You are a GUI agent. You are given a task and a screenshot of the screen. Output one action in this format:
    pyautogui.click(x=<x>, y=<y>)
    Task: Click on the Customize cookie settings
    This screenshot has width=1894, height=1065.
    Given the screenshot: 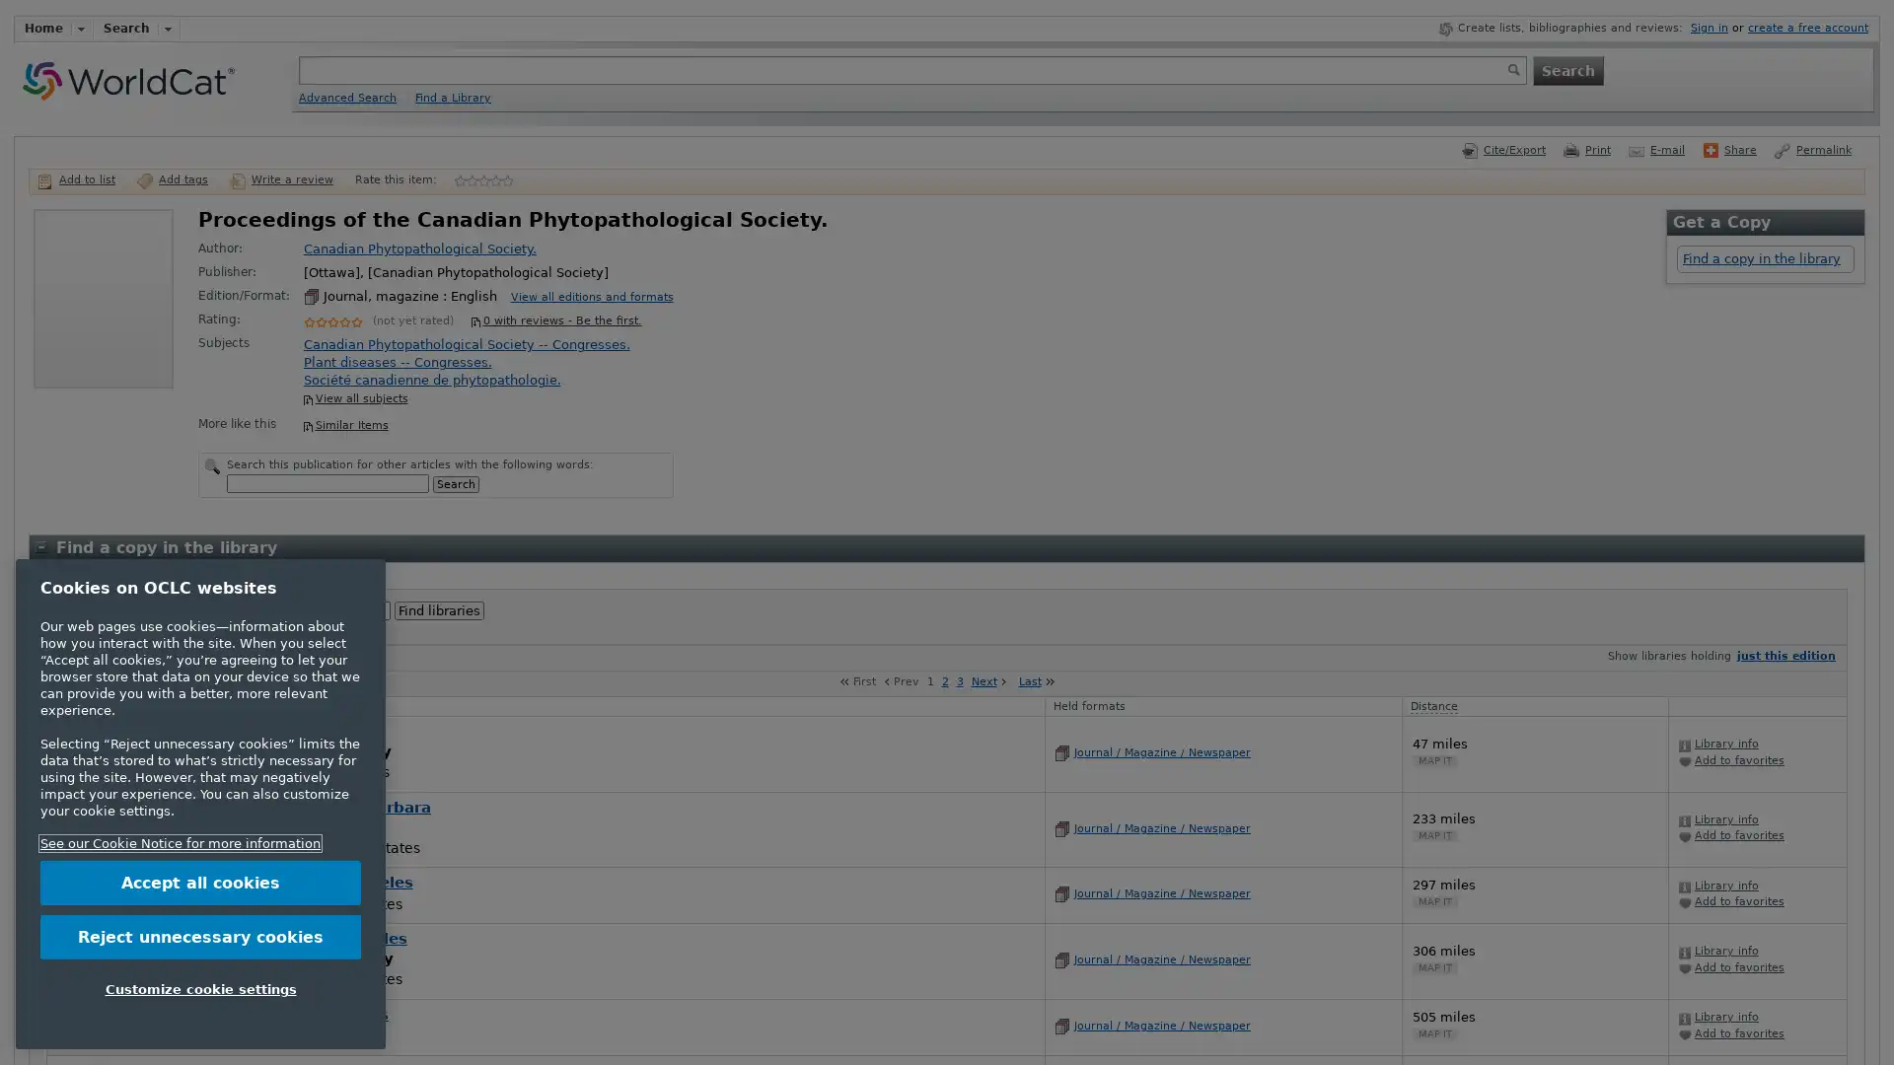 What is the action you would take?
    pyautogui.click(x=200, y=988)
    